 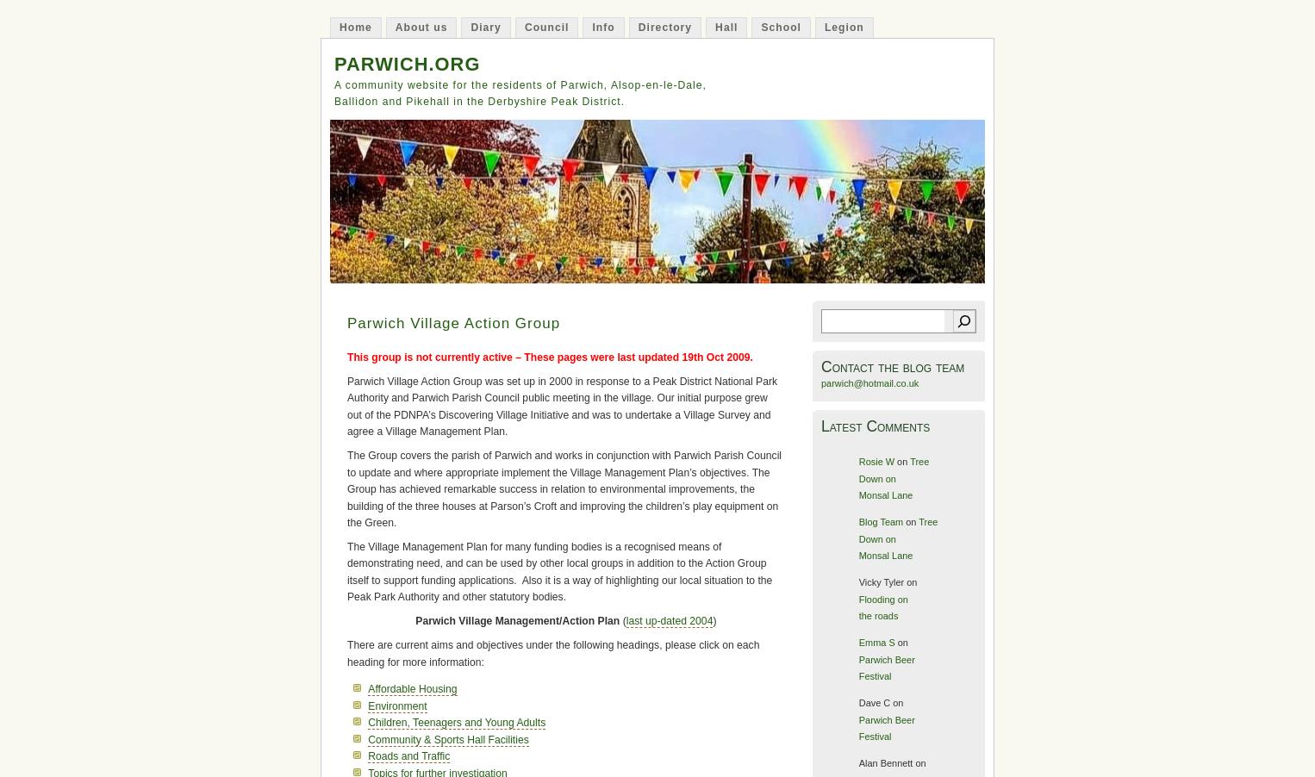 I want to click on 'Parwich Village Action Group was set up in 2000 in response to a Peak District National Park Authority and Parwich Parish Council public meeting in the village. Our initial purpose grew out of the PDNPA’s Discovering Village Initiative and was to undertake a Village Survey and agree a Village Management Plan.', so click(x=347, y=405).